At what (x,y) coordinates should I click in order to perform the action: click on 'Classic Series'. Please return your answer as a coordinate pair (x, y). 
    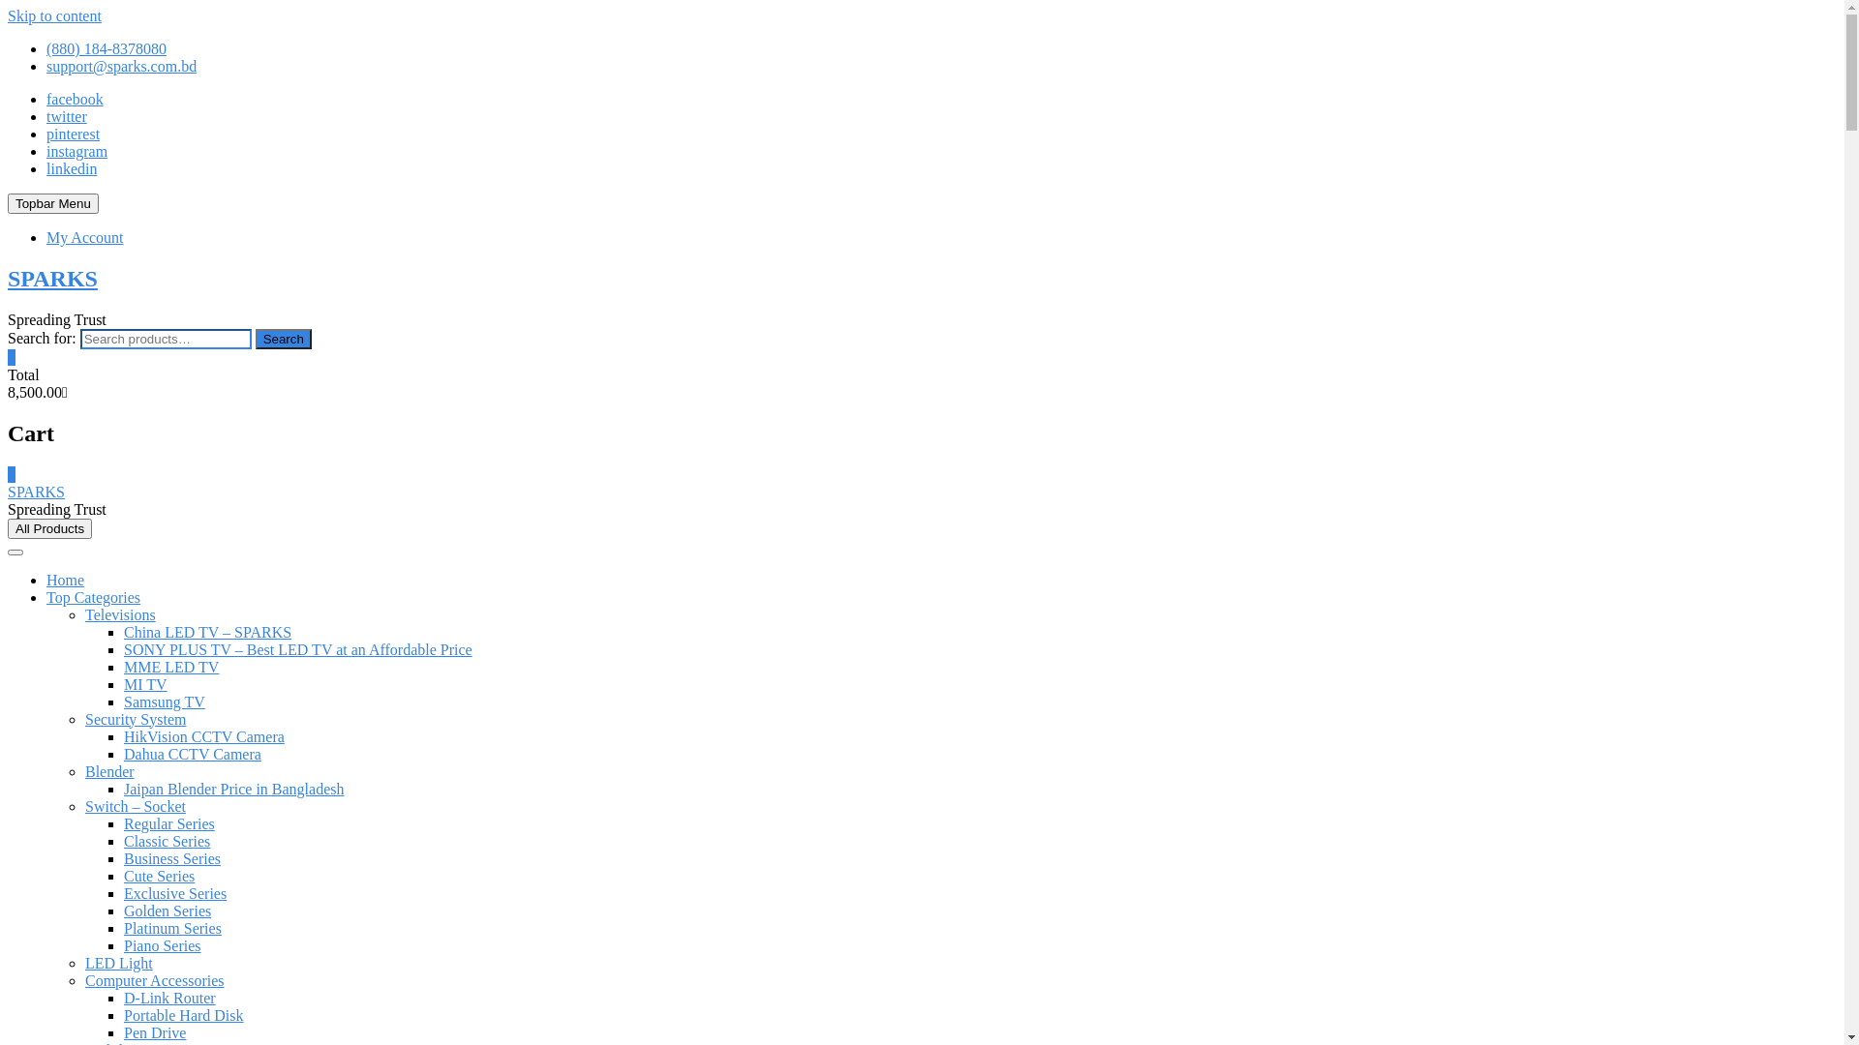
    Looking at the image, I should click on (167, 840).